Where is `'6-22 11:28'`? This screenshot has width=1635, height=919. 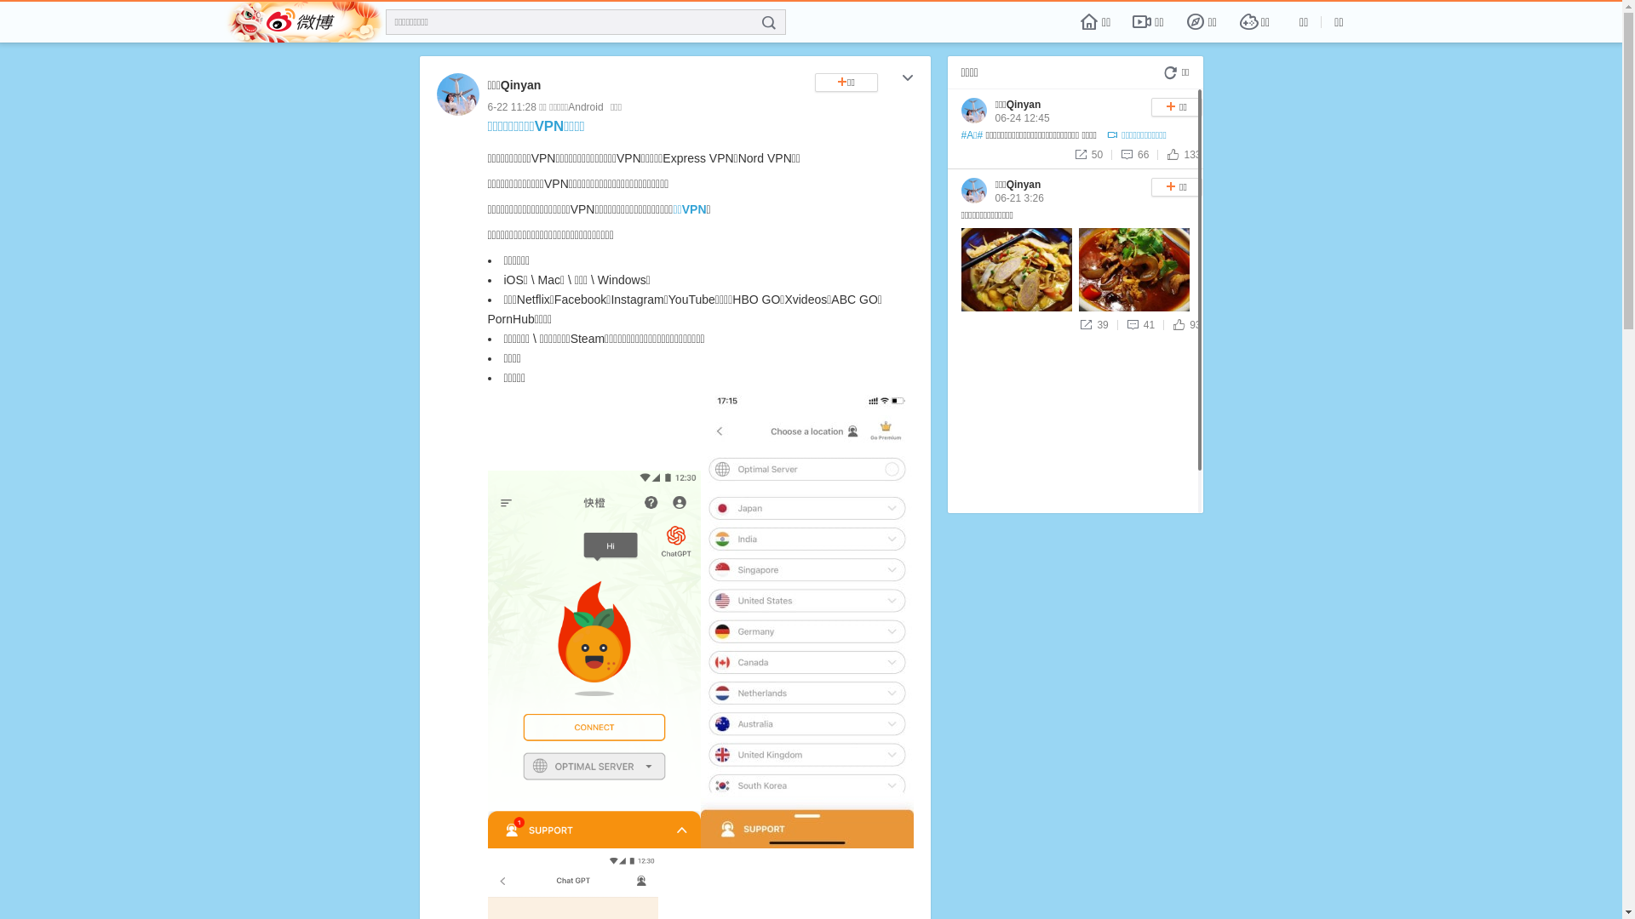 '6-22 11:28' is located at coordinates (485, 107).